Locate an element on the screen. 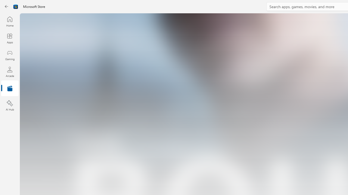 The height and width of the screenshot is (195, 348). 'Apps' is located at coordinates (10, 38).